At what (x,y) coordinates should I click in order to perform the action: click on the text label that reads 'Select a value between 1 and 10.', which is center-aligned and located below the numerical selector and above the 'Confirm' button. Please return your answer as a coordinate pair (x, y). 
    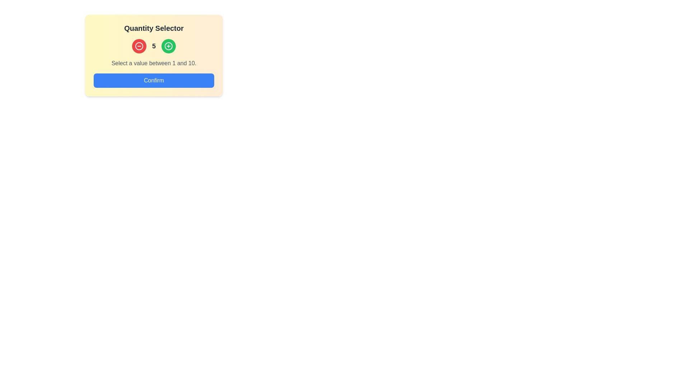
    Looking at the image, I should click on (153, 63).